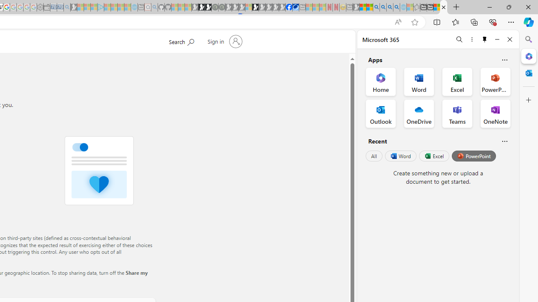 The width and height of the screenshot is (538, 302). Describe the element at coordinates (474, 156) in the screenshot. I see `'PowerPoint'` at that location.